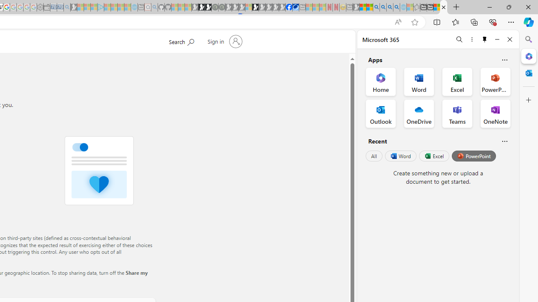 The width and height of the screenshot is (538, 302). Describe the element at coordinates (474, 156) in the screenshot. I see `'PowerPoint'` at that location.